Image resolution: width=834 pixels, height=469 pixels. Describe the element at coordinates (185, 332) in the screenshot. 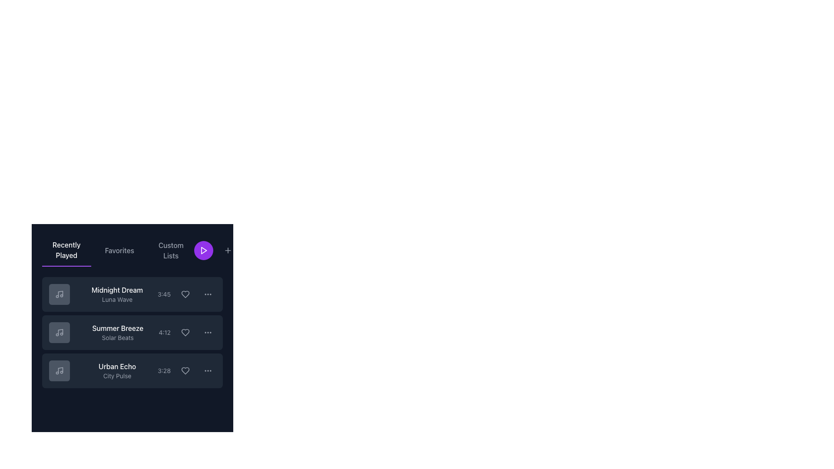

I see `the heart-shaped toggle button icon for the song 'Summer Breeze'` at that location.